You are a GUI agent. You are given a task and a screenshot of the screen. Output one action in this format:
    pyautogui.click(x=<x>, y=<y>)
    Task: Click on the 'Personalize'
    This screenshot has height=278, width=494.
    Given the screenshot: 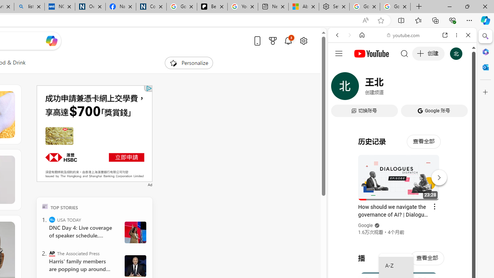 What is the action you would take?
    pyautogui.click(x=188, y=63)
    